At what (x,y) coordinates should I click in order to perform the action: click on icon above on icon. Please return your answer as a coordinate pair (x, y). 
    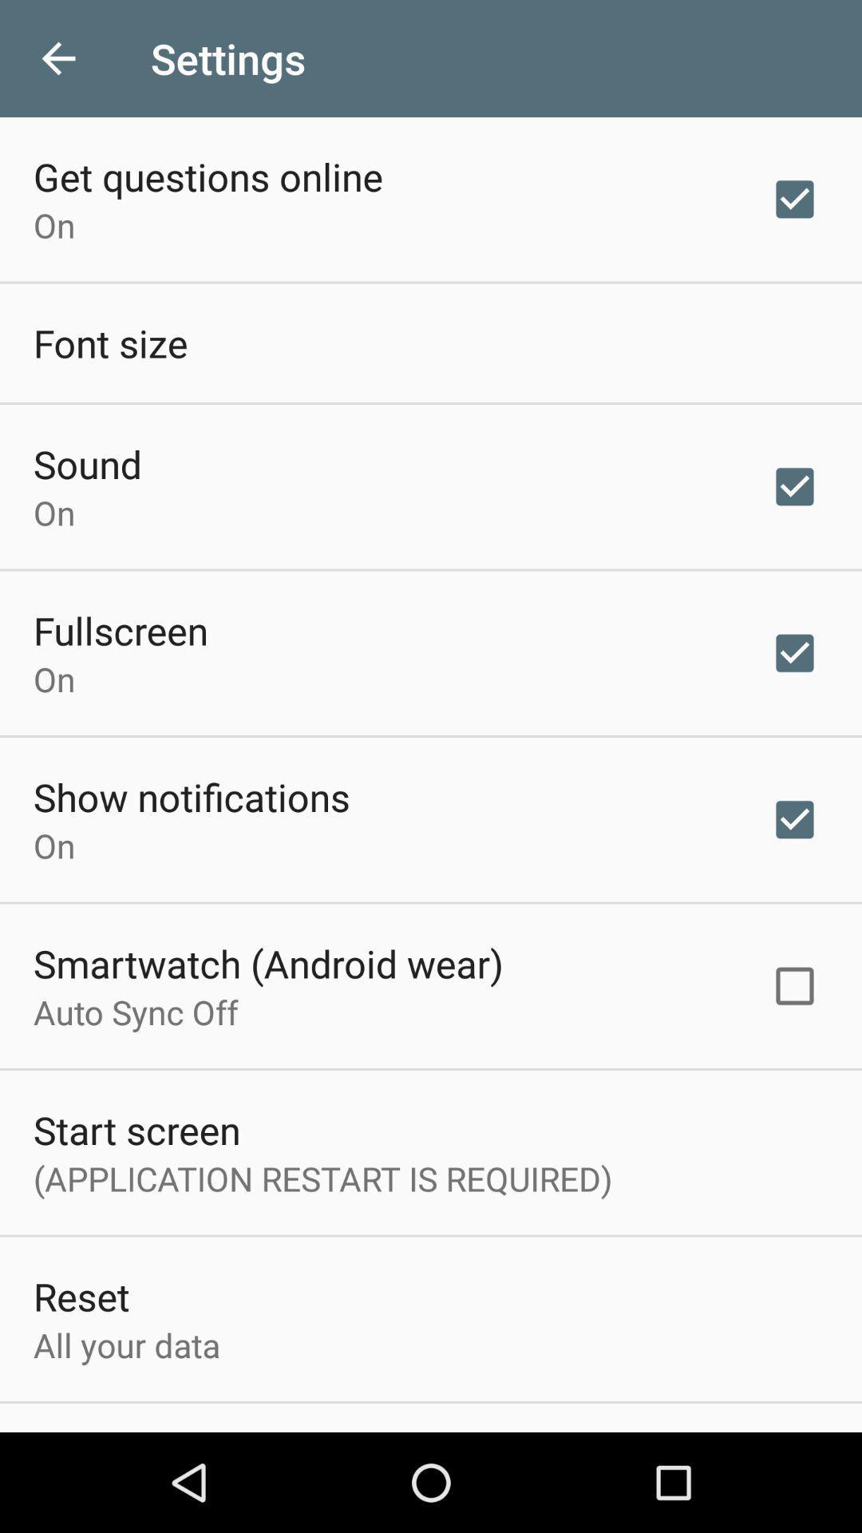
    Looking at the image, I should click on (120, 629).